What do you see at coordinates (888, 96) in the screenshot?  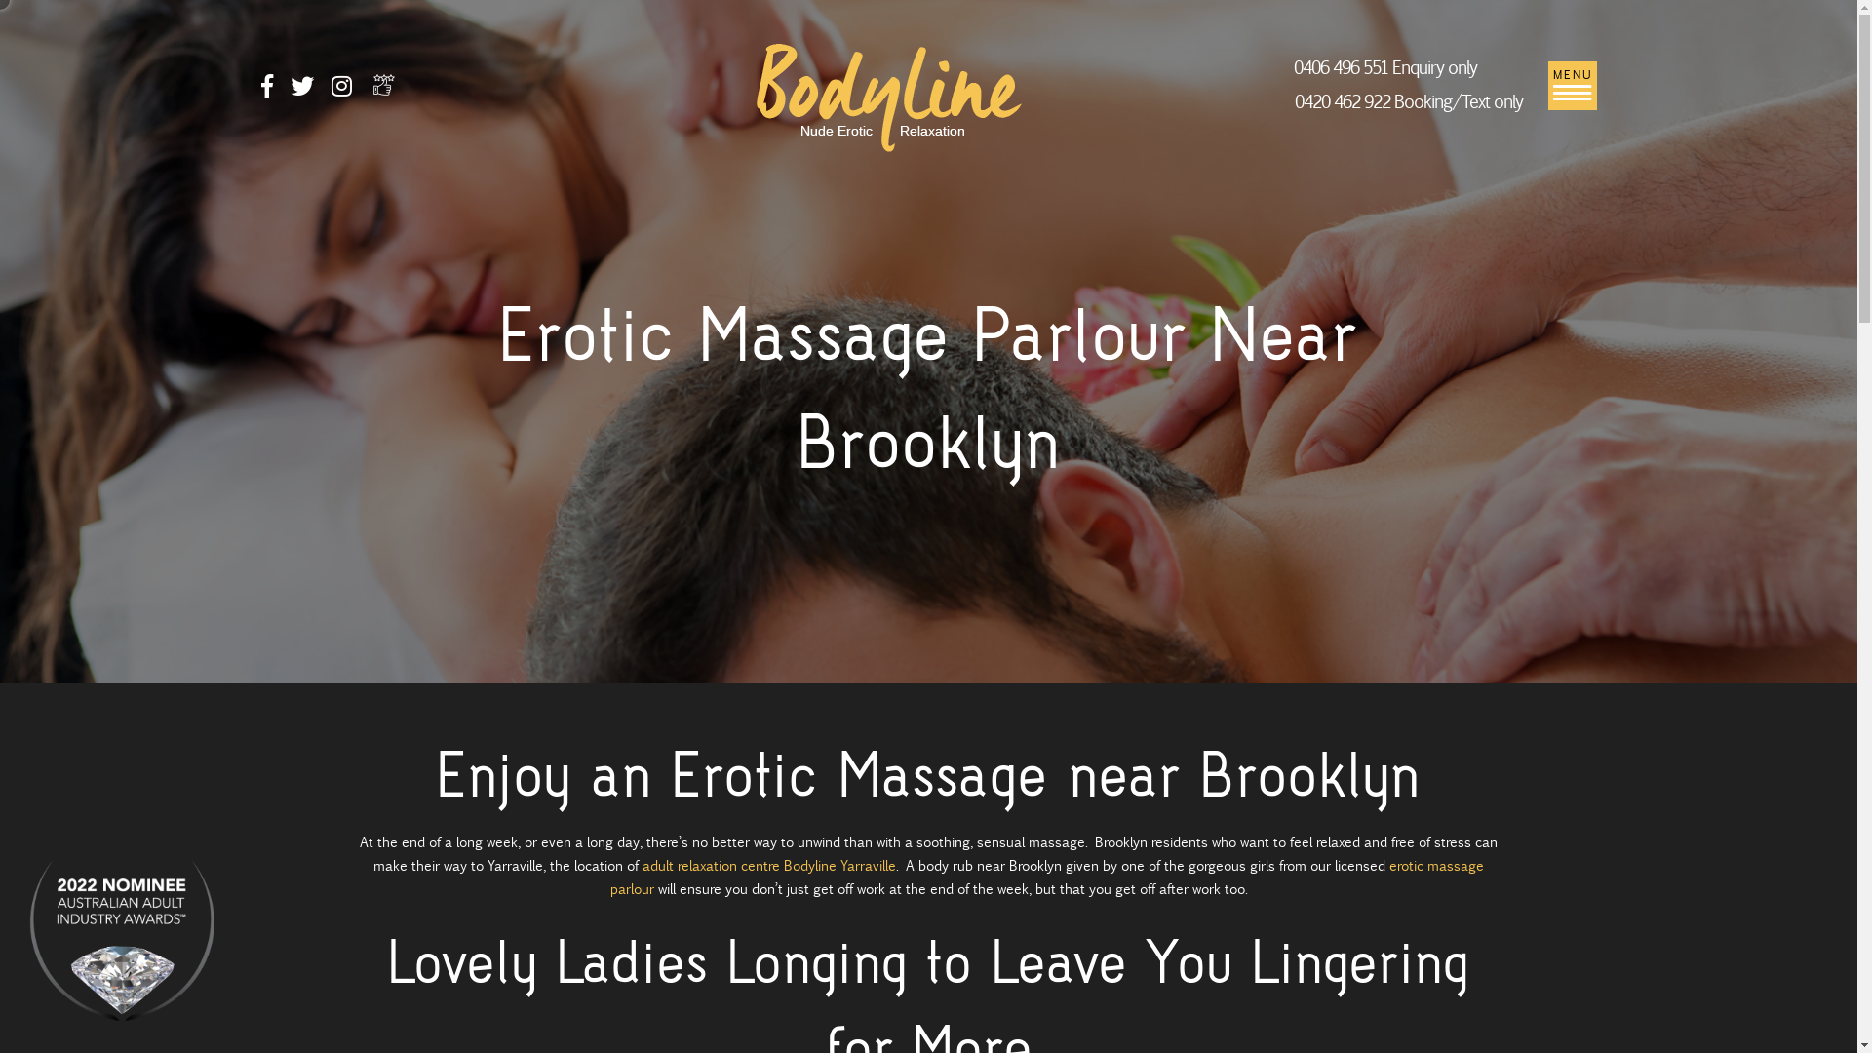 I see `'Bodyline Yarraville'` at bounding box center [888, 96].